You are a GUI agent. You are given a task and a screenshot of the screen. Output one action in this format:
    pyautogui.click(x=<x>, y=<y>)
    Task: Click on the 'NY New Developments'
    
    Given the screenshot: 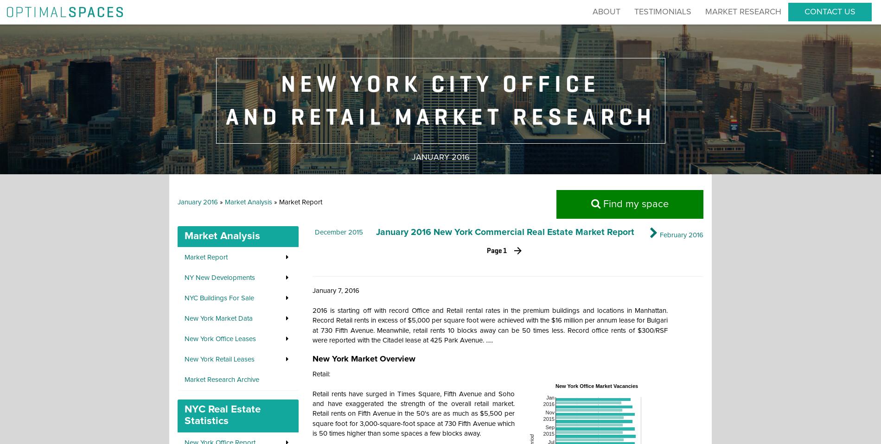 What is the action you would take?
    pyautogui.click(x=184, y=278)
    